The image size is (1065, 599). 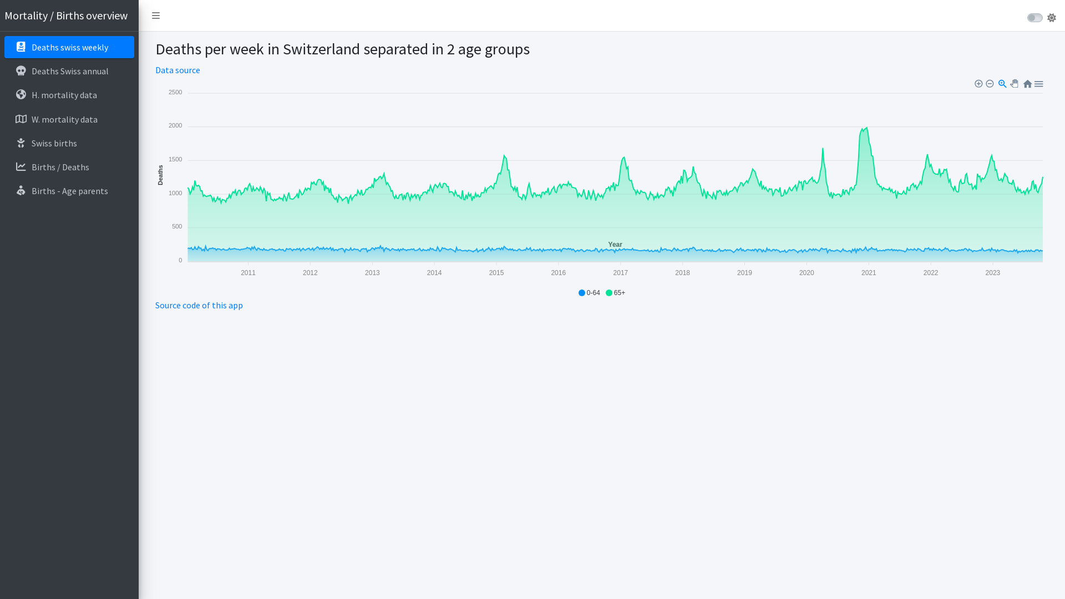 What do you see at coordinates (68, 143) in the screenshot?
I see `'Swiss births'` at bounding box center [68, 143].